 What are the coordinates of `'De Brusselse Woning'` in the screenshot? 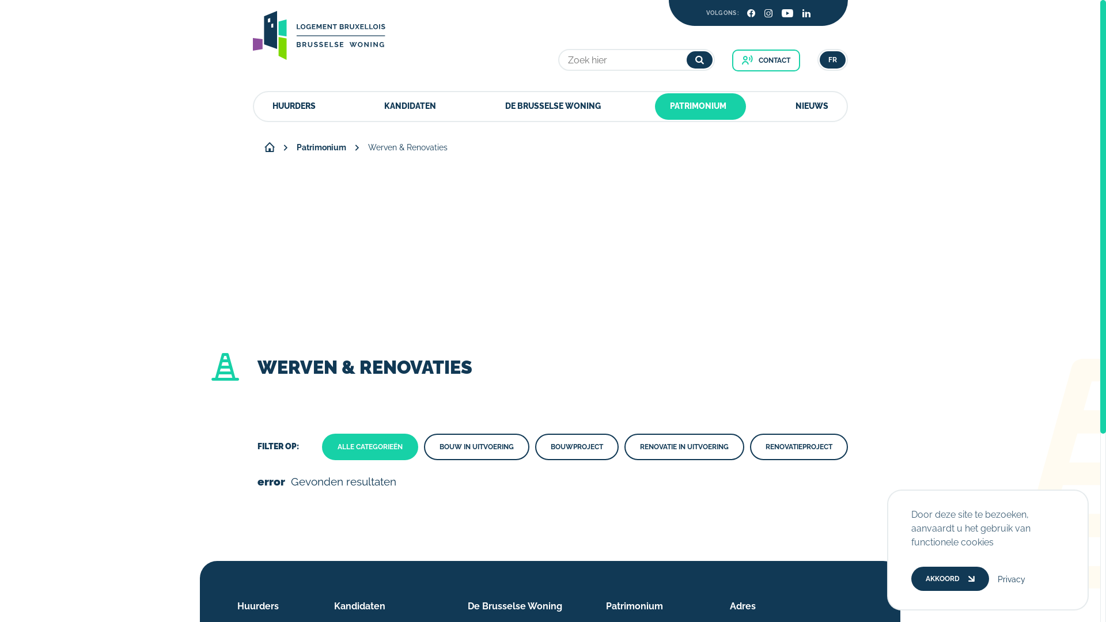 It's located at (514, 605).